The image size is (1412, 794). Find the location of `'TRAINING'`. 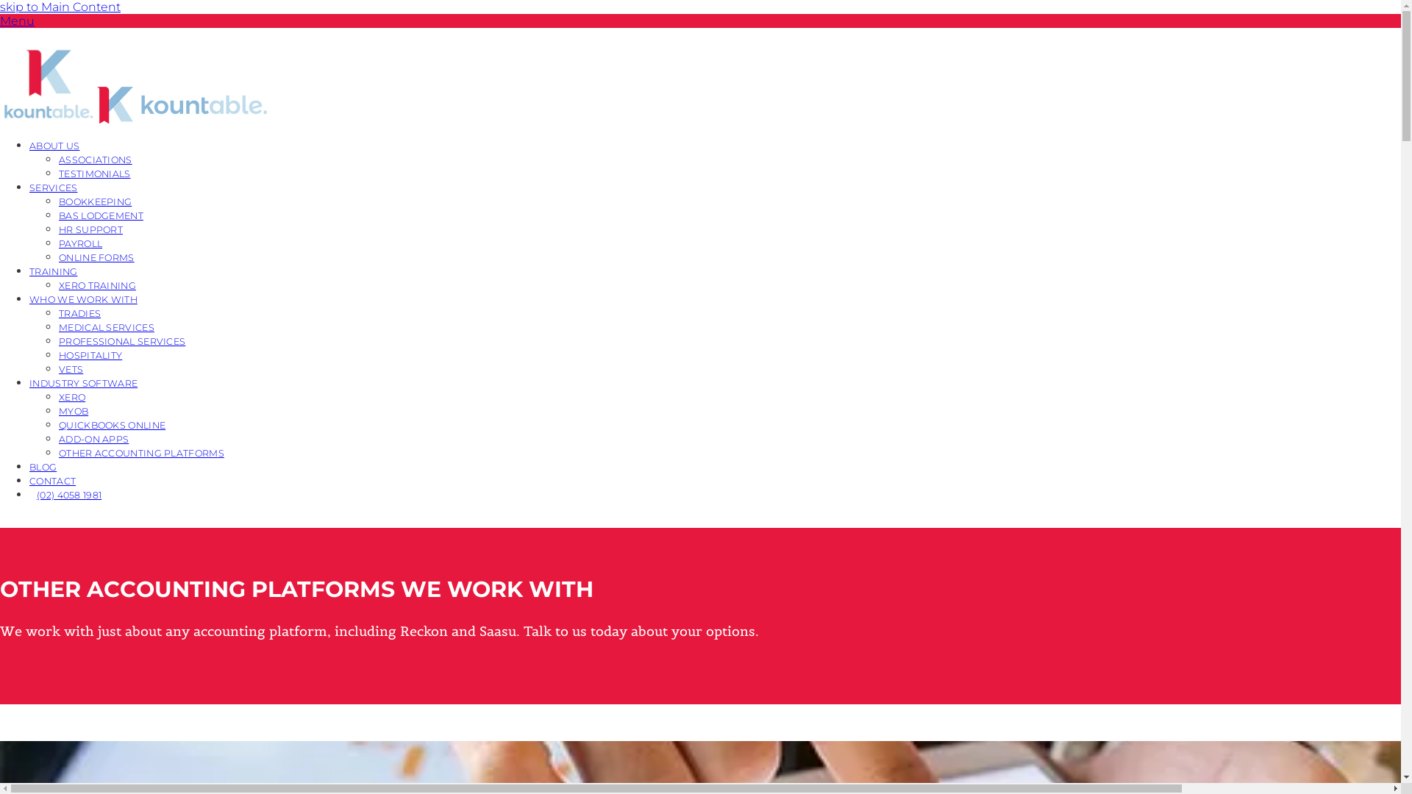

'TRAINING' is located at coordinates (29, 271).